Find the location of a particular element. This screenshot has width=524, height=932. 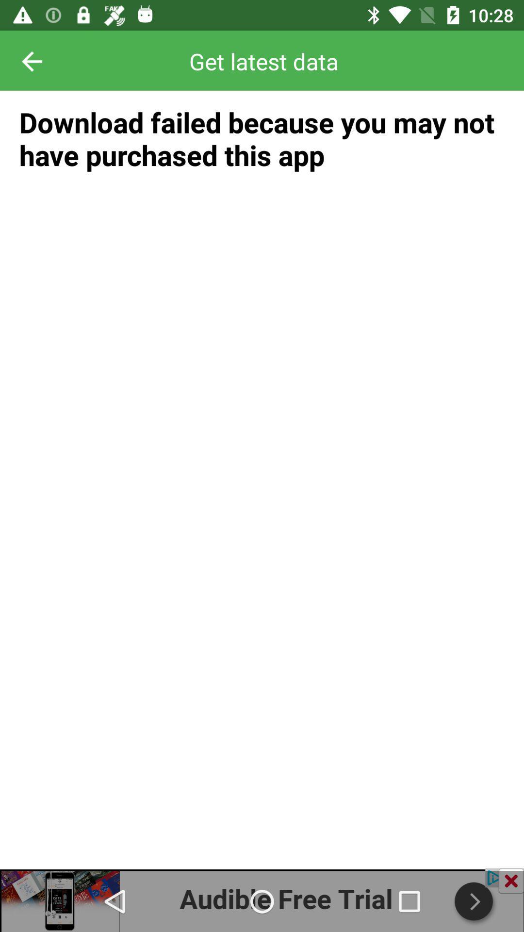

advertisement is located at coordinates (262, 899).